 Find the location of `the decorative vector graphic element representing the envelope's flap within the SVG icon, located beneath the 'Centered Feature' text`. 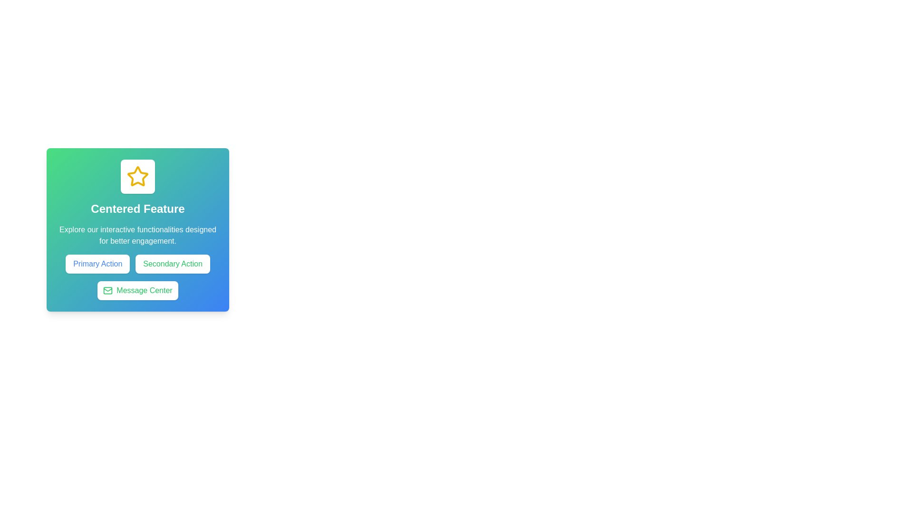

the decorative vector graphic element representing the envelope's flap within the SVG icon, located beneath the 'Centered Feature' text is located at coordinates (108, 289).